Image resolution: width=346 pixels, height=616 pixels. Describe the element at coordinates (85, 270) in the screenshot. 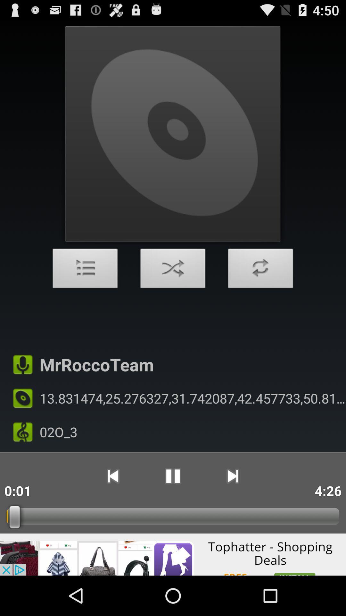

I see `open` at that location.